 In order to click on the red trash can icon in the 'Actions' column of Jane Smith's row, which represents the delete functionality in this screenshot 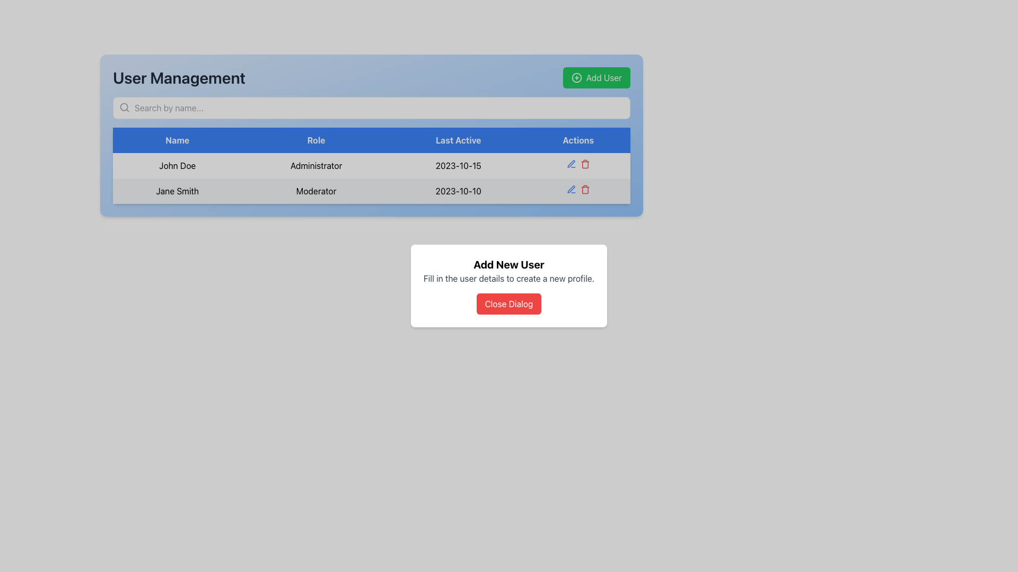, I will do `click(577, 191)`.